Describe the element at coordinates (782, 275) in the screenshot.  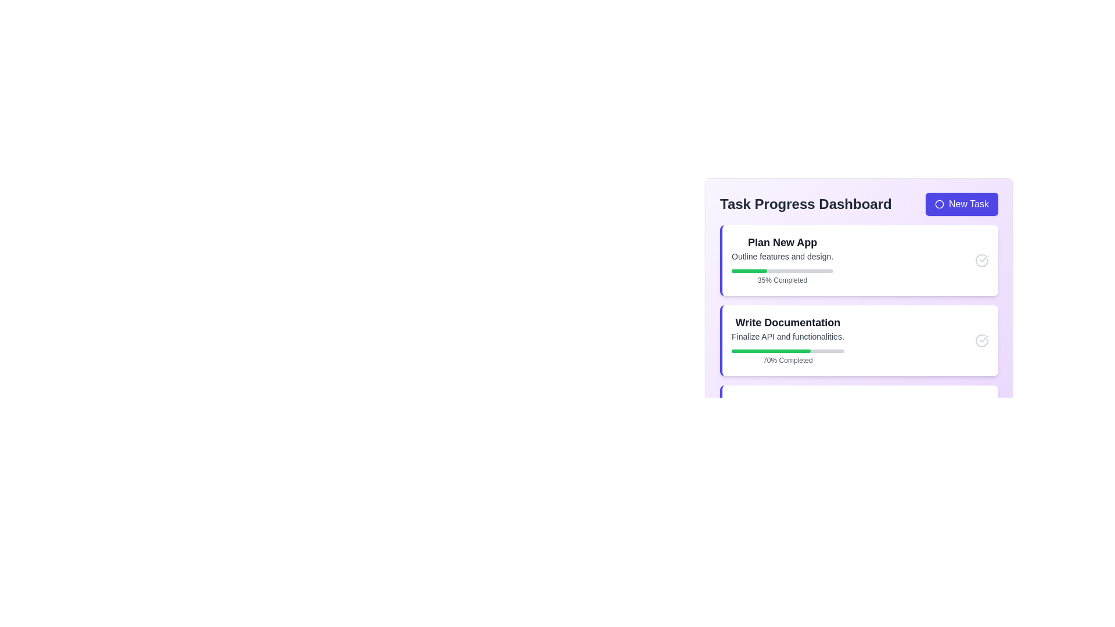
I see `text label displaying the progress percentage, which shows '35% Completed' and is located below the progress bar of the task labeled 'Plan New App'` at that location.